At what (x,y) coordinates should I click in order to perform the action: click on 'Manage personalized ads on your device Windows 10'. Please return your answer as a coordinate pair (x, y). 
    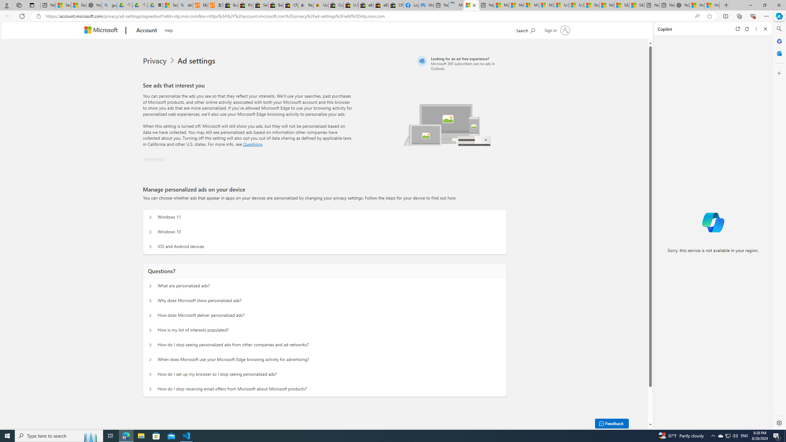
    Looking at the image, I should click on (150, 232).